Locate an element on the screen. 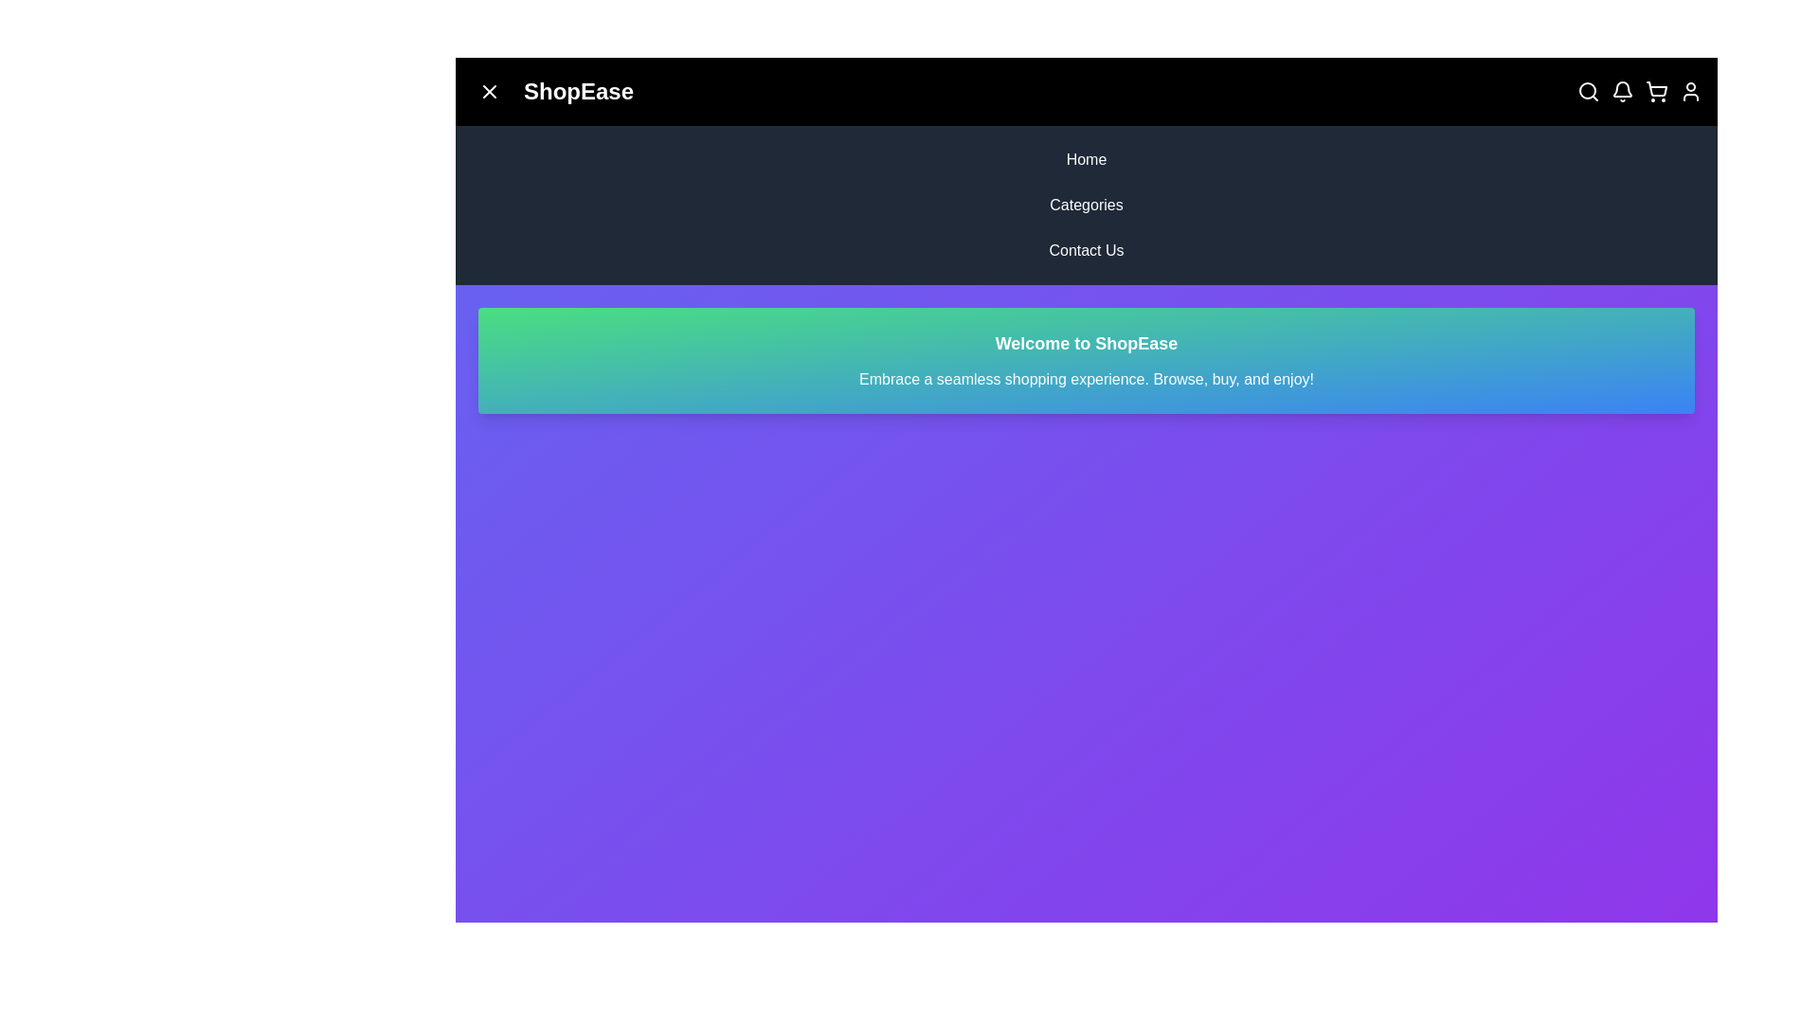 This screenshot has height=1023, width=1819. notifications icon is located at coordinates (1622, 91).